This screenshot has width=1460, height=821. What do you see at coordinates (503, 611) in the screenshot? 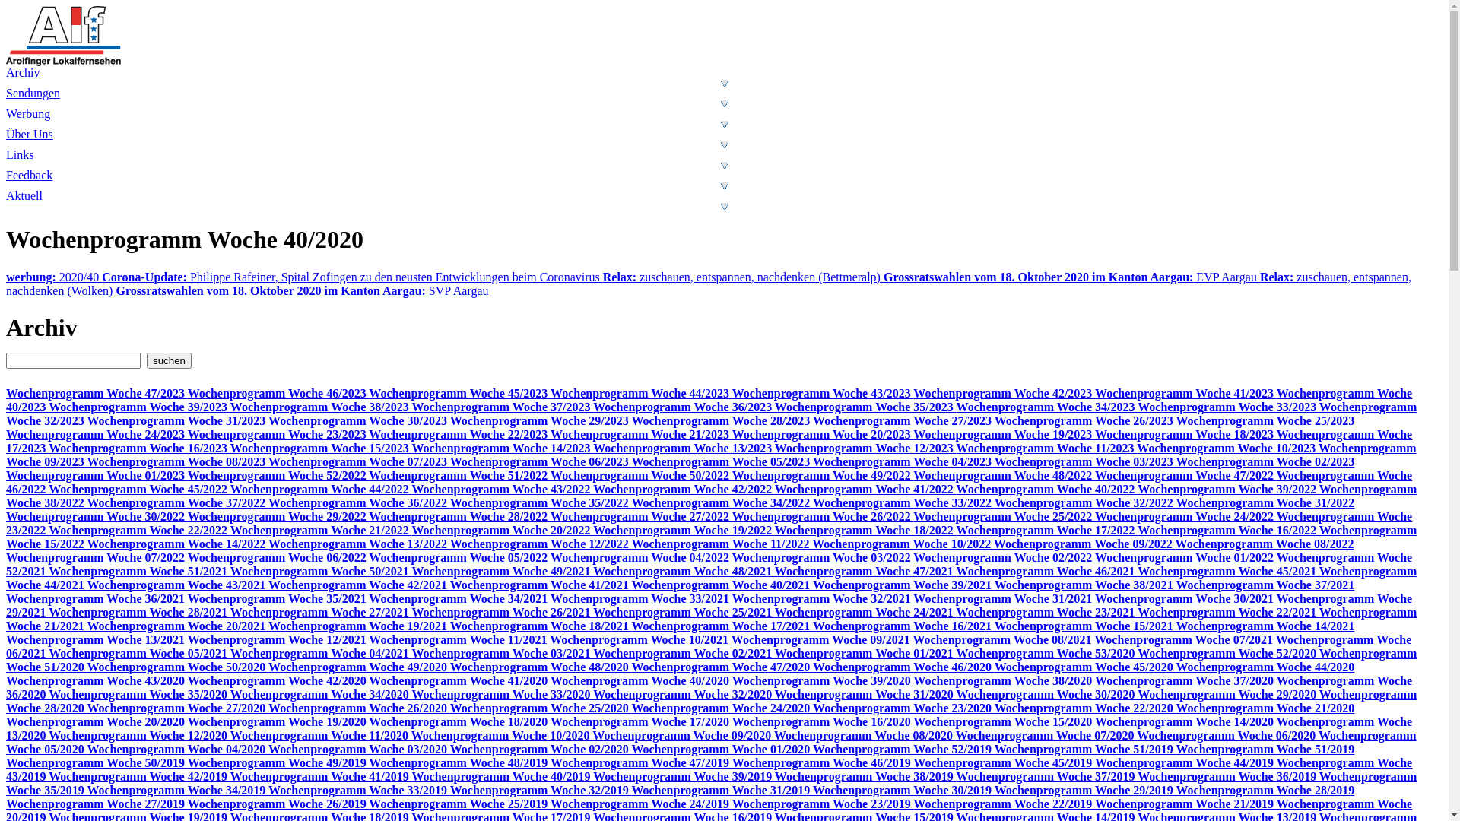
I see `'Wochenprogramm Woche 26/2021'` at bounding box center [503, 611].